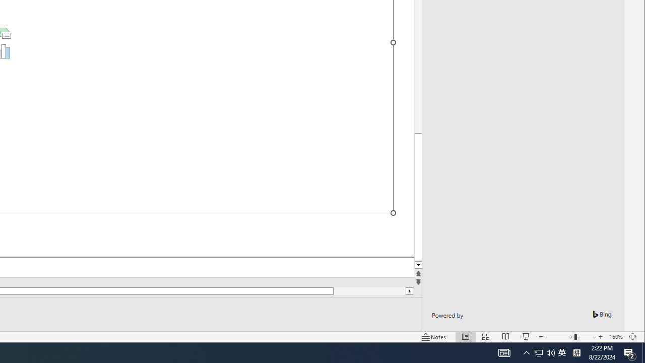 The width and height of the screenshot is (645, 363). What do you see at coordinates (615, 337) in the screenshot?
I see `'Zoom 160%'` at bounding box center [615, 337].